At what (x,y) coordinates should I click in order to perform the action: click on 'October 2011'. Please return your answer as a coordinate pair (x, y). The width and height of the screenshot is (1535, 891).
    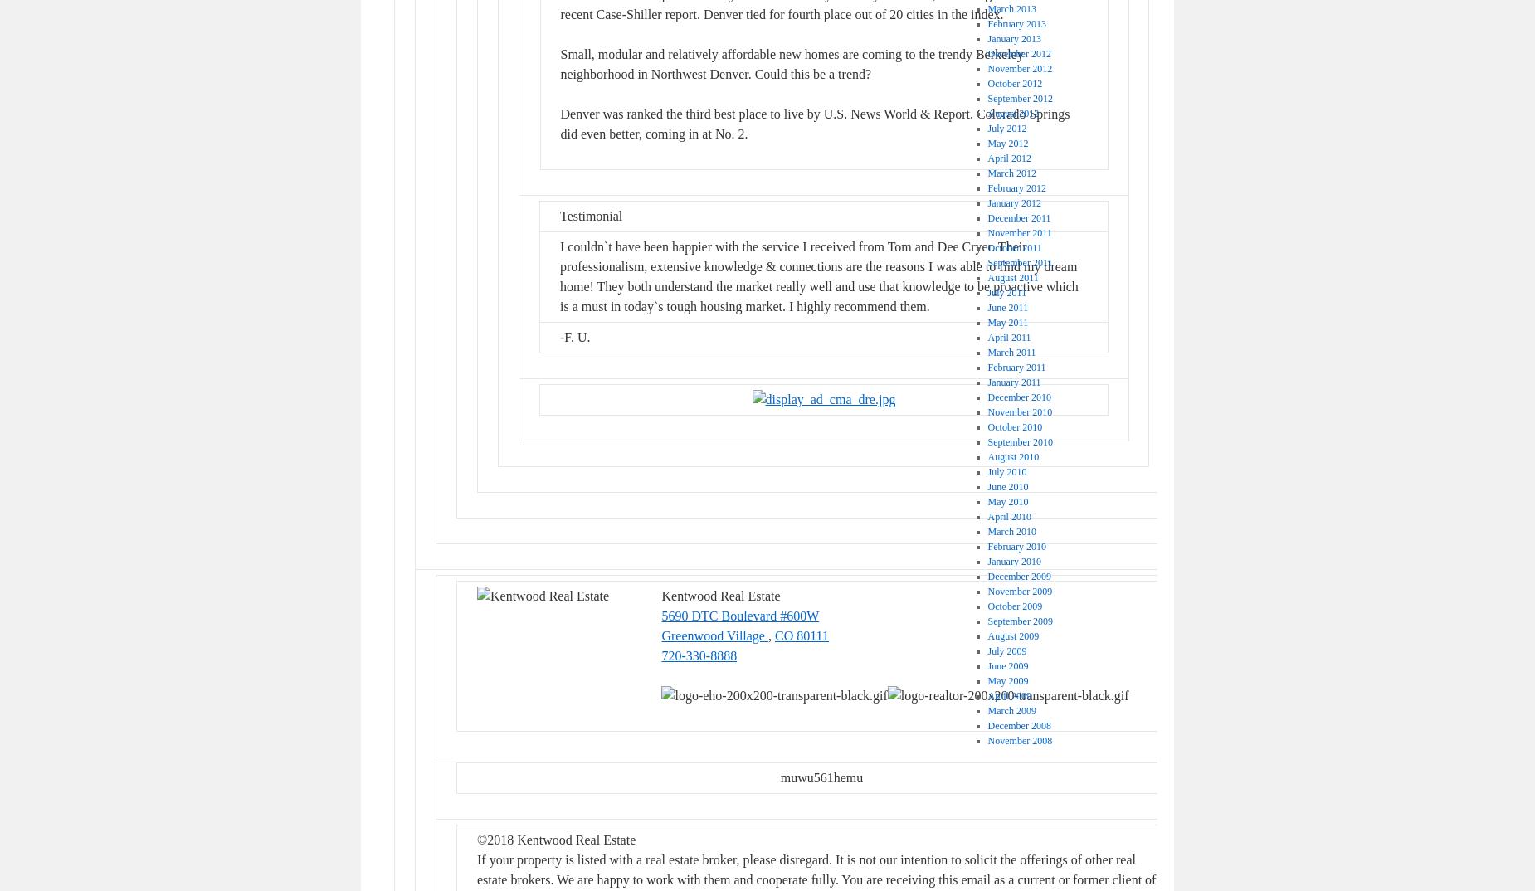
    Looking at the image, I should click on (986, 248).